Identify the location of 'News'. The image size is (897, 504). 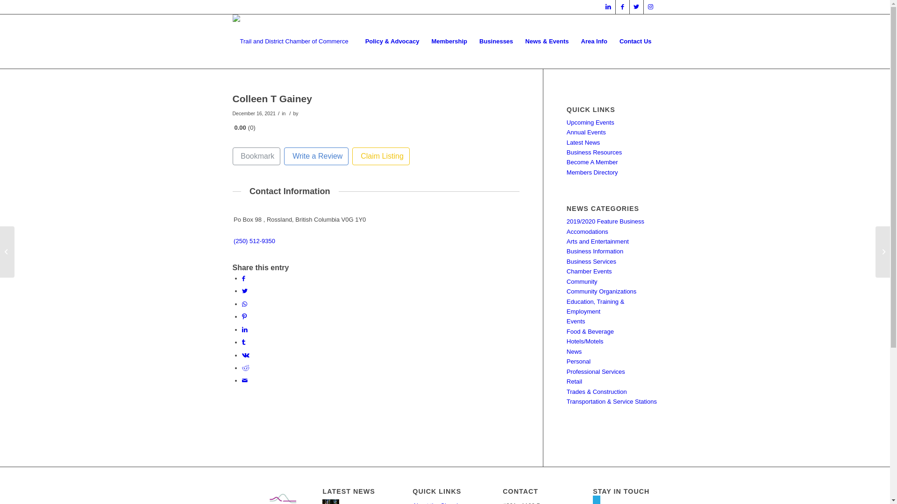
(574, 351).